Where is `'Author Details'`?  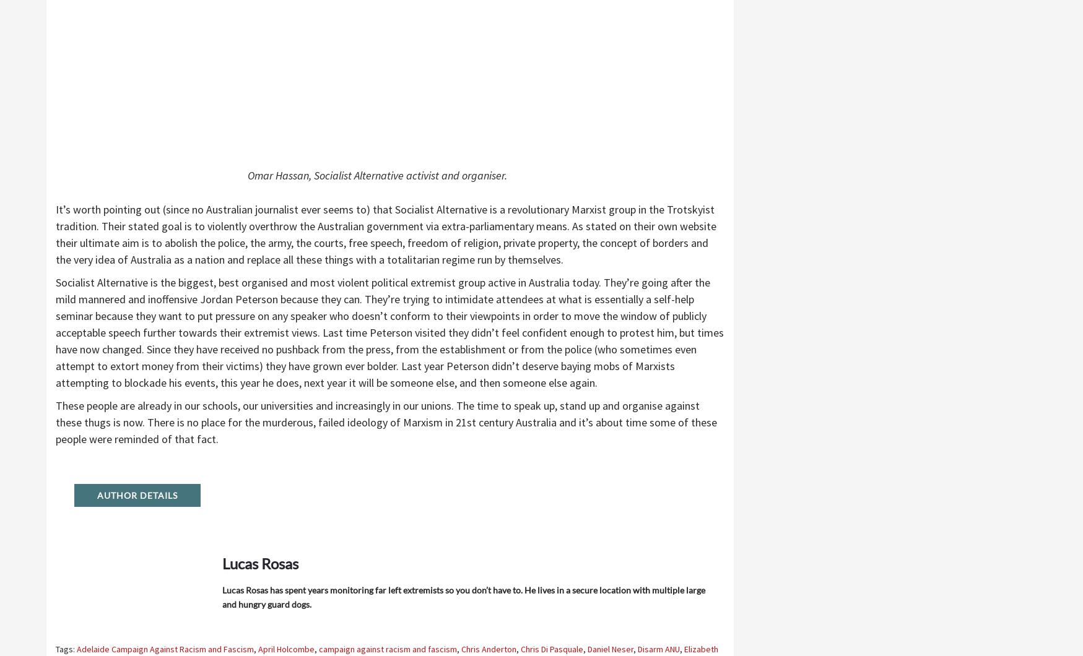
'Author Details' is located at coordinates (96, 495).